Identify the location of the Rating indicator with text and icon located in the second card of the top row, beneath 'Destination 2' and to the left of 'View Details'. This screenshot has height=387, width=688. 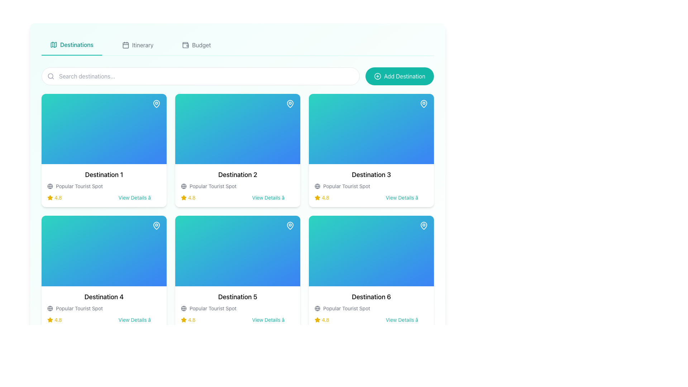
(188, 198).